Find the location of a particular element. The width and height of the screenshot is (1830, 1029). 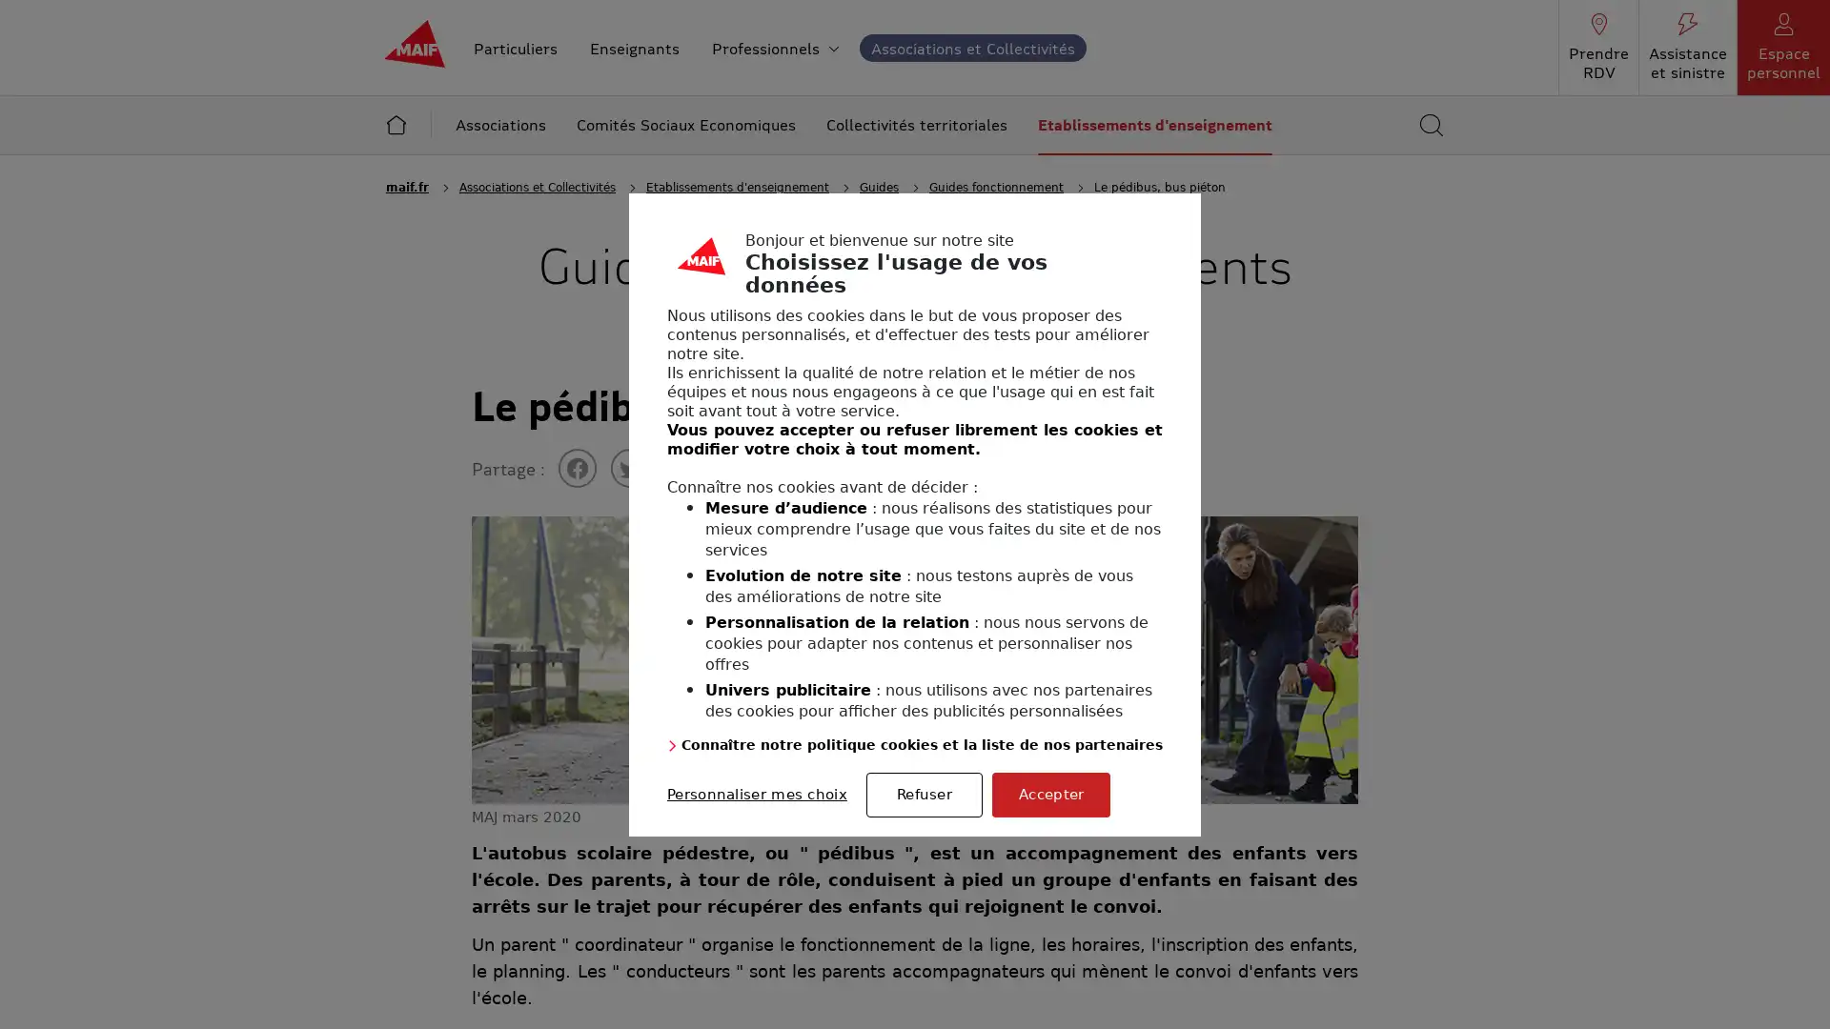

Professionnels is located at coordinates (775, 46).